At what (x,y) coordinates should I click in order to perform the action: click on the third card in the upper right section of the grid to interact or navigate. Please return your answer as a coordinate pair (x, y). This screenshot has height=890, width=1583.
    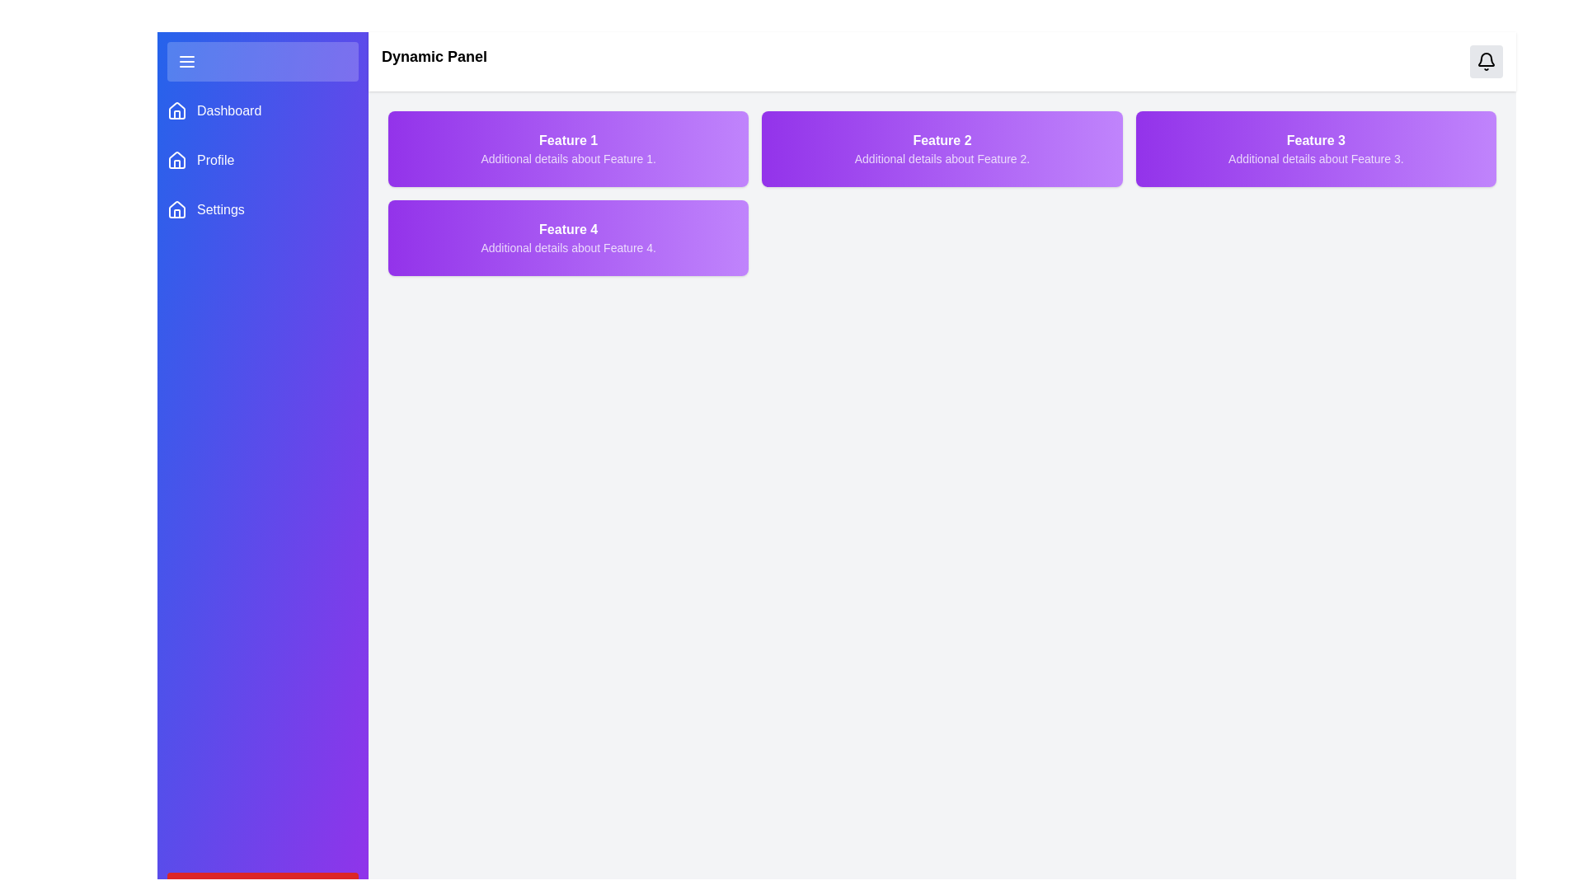
    Looking at the image, I should click on (1315, 149).